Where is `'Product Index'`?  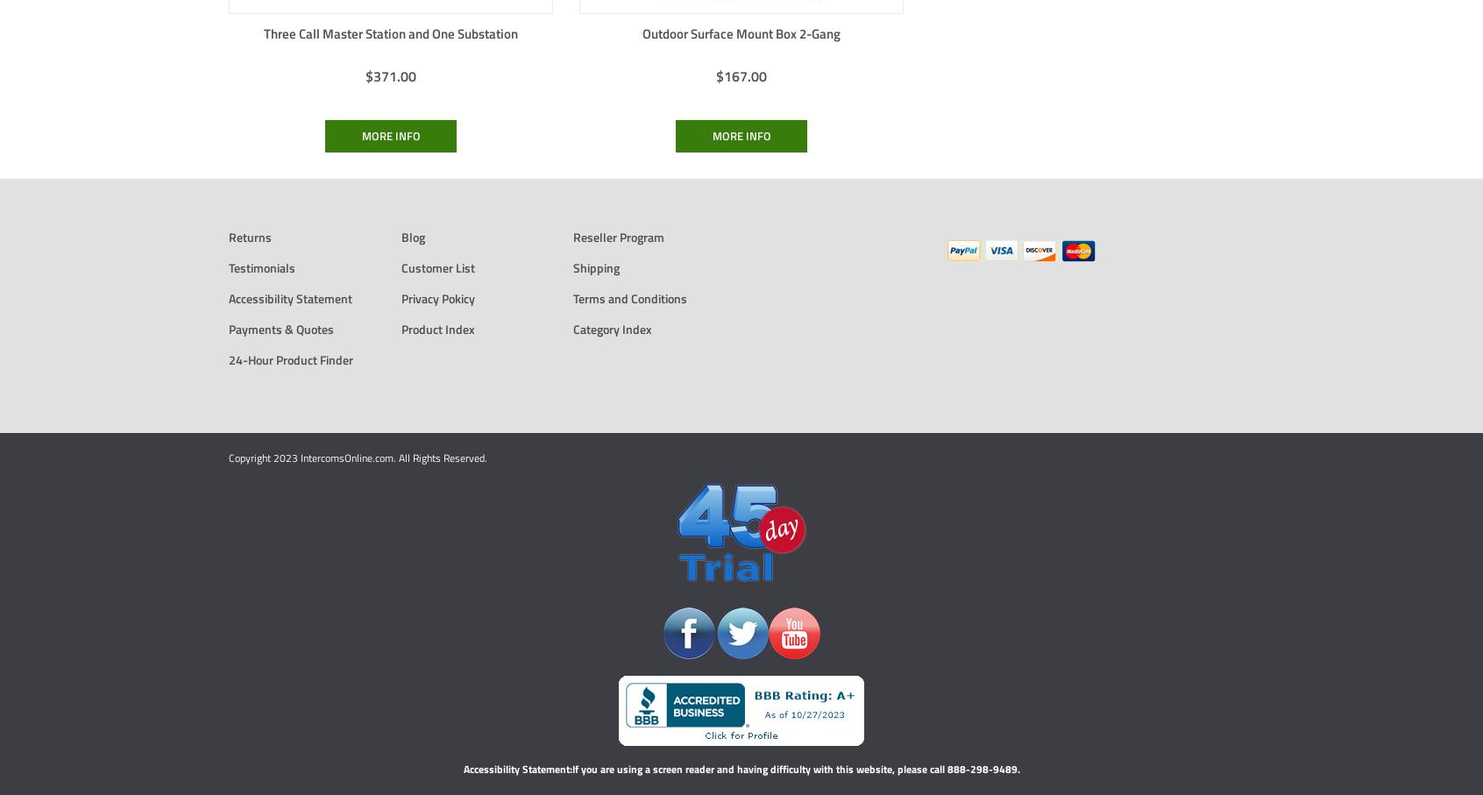 'Product Index' is located at coordinates (436, 328).